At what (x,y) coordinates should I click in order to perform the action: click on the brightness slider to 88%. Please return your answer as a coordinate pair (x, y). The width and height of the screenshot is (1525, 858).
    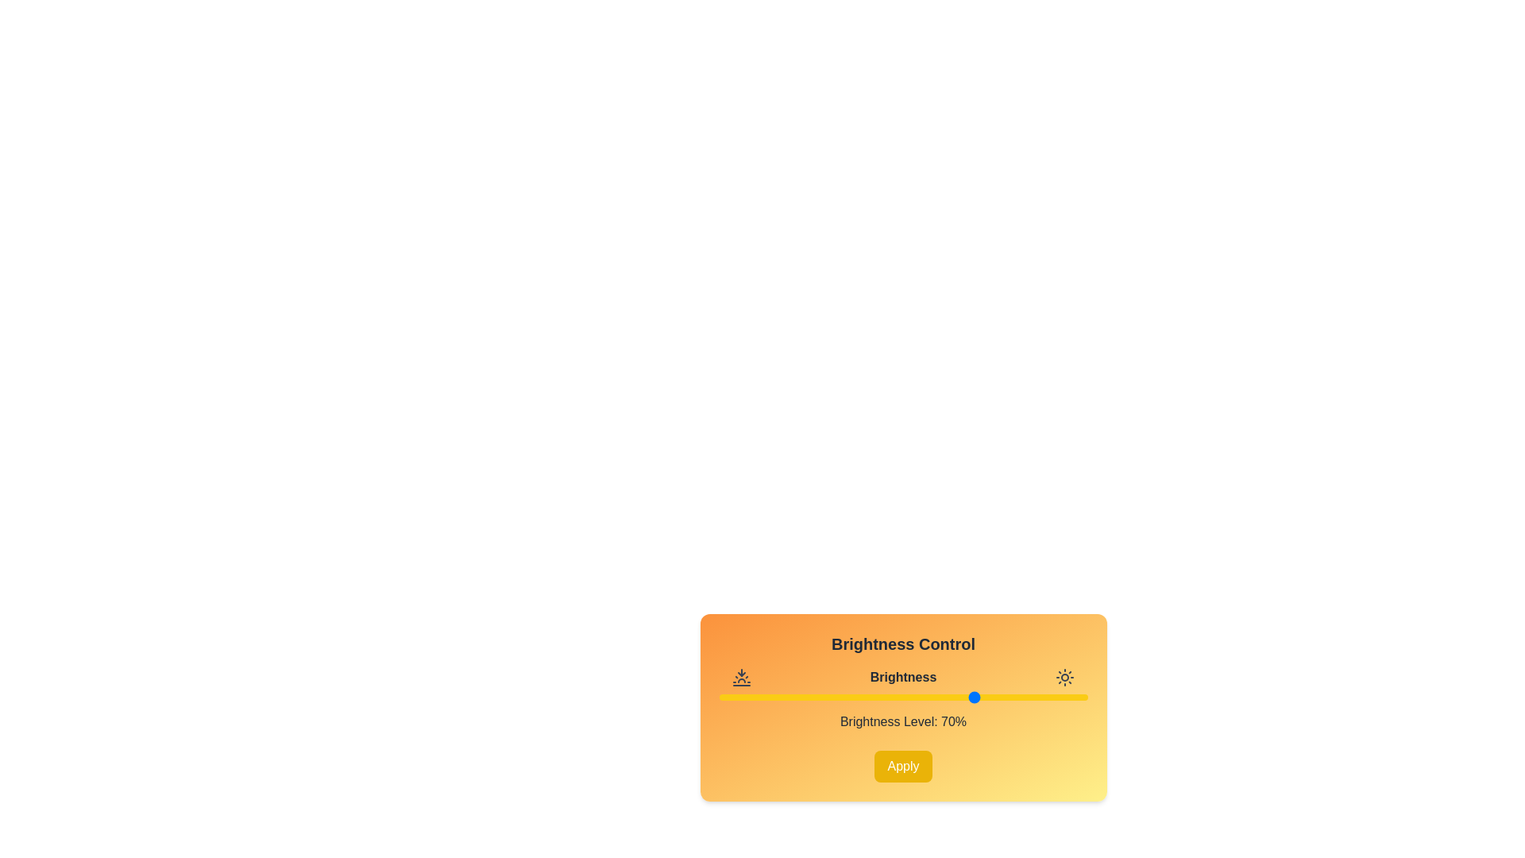
    Looking at the image, I should click on (1043, 697).